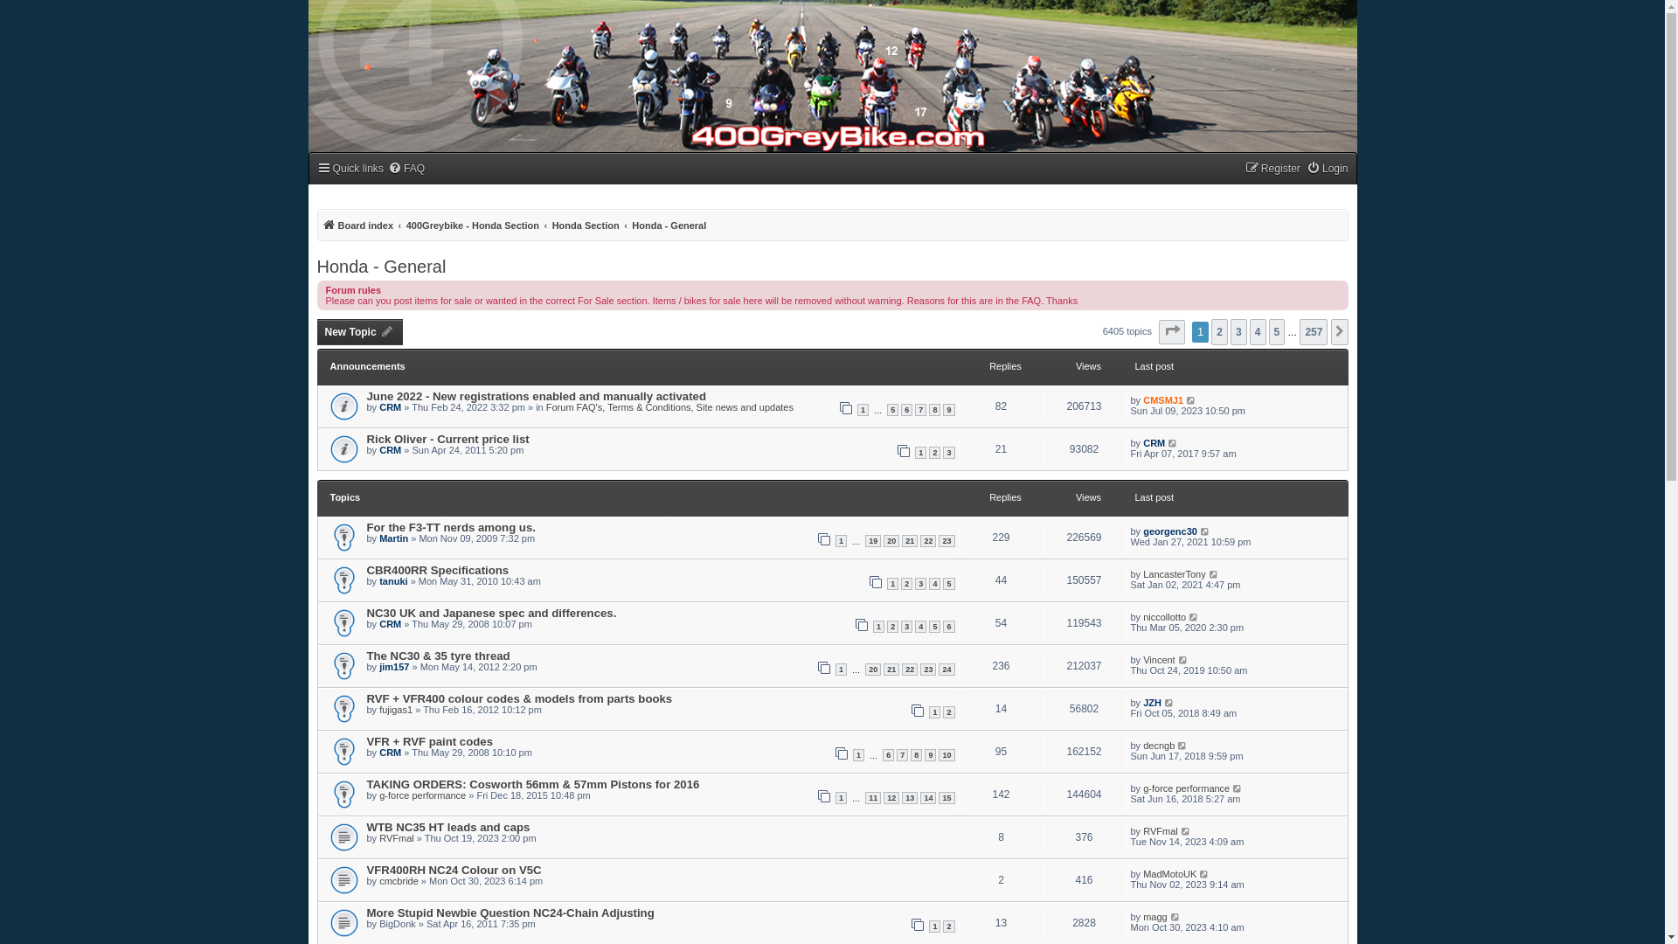 Image resolution: width=1678 pixels, height=944 pixels. Describe the element at coordinates (1159, 660) in the screenshot. I see `'Vincent'` at that location.